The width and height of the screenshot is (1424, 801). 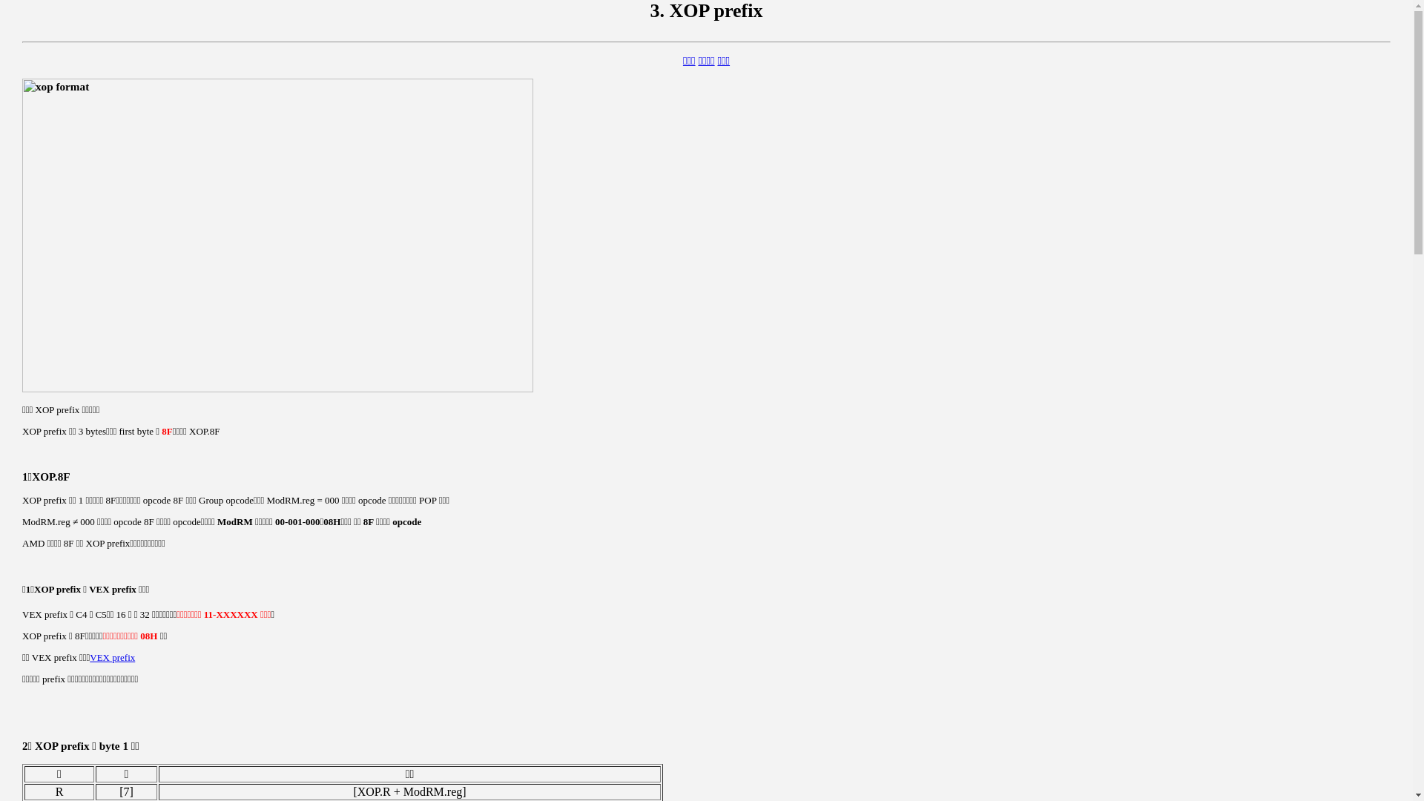 I want to click on 'VEX prefix', so click(x=111, y=656).